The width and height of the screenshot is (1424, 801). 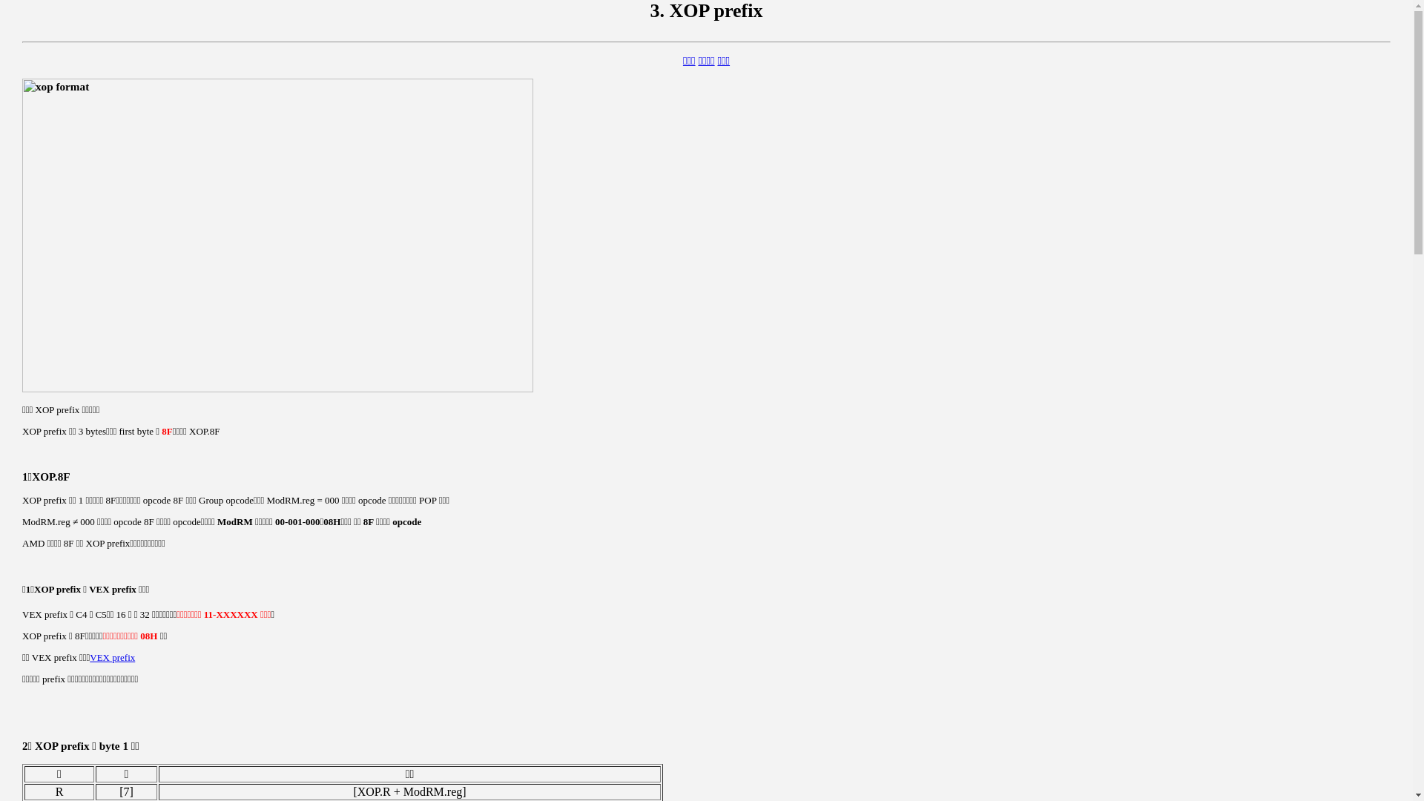 I want to click on 'VEX prefix', so click(x=111, y=656).